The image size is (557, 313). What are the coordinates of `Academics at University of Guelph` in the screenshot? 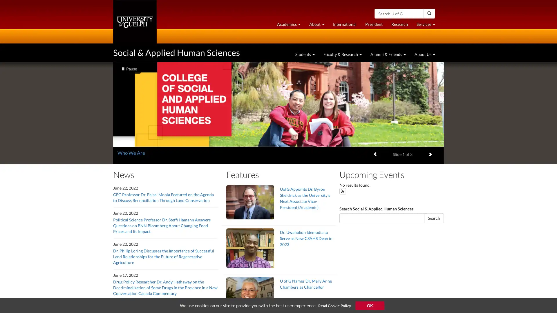 It's located at (289, 24).